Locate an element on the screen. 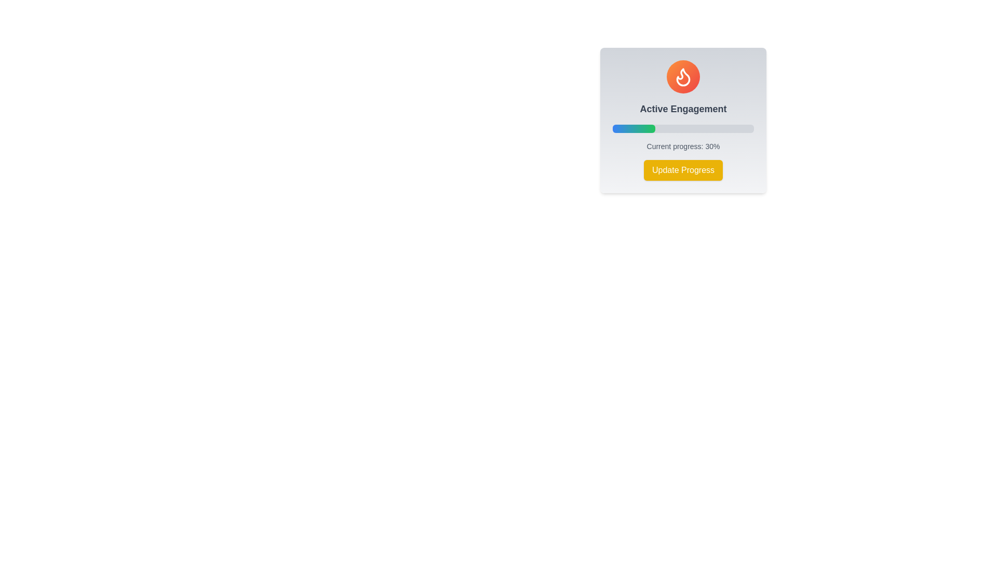 This screenshot has width=997, height=561. the flame icon in orange color located at the center top of the informational card titled 'Active Engagement' is located at coordinates (683, 76).